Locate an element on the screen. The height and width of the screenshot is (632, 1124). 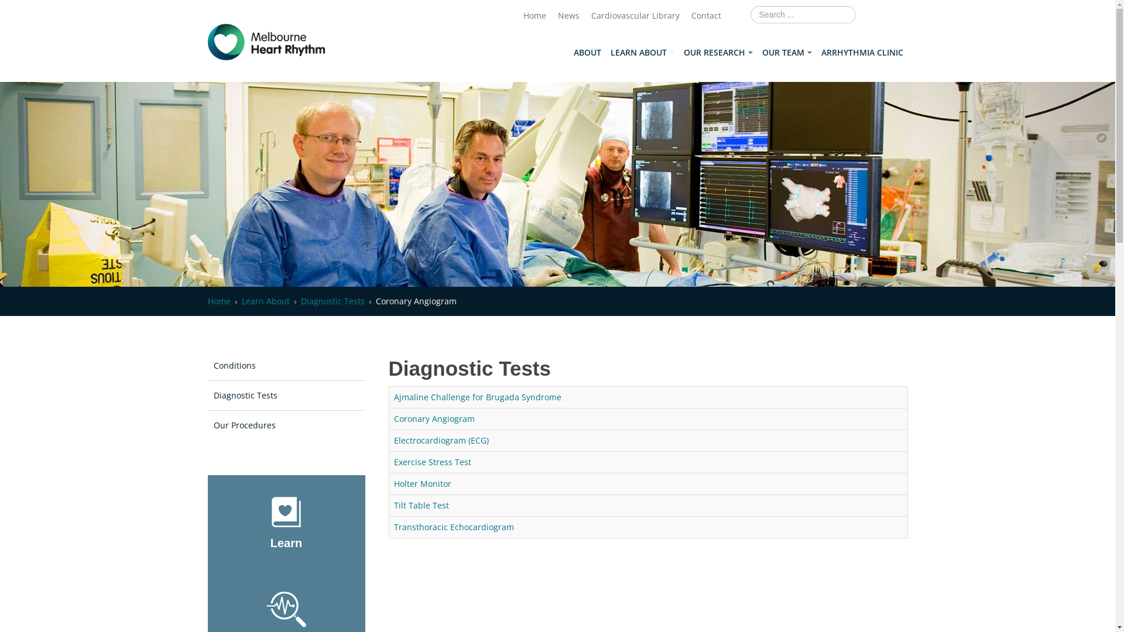
'OUR TEAM' is located at coordinates (758, 51).